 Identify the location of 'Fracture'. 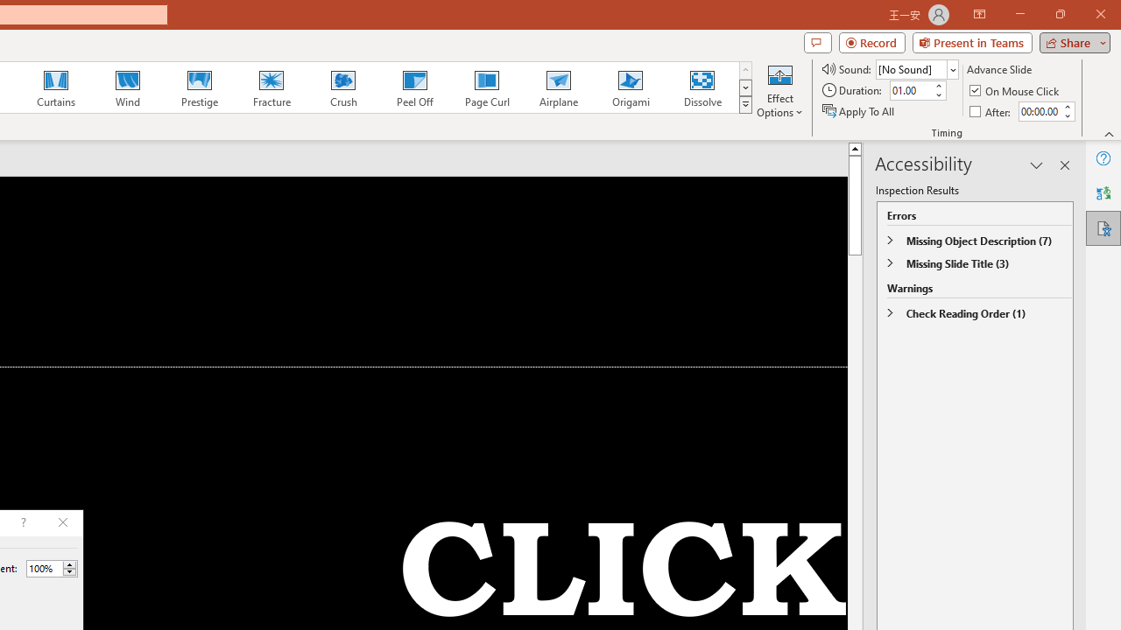
(270, 87).